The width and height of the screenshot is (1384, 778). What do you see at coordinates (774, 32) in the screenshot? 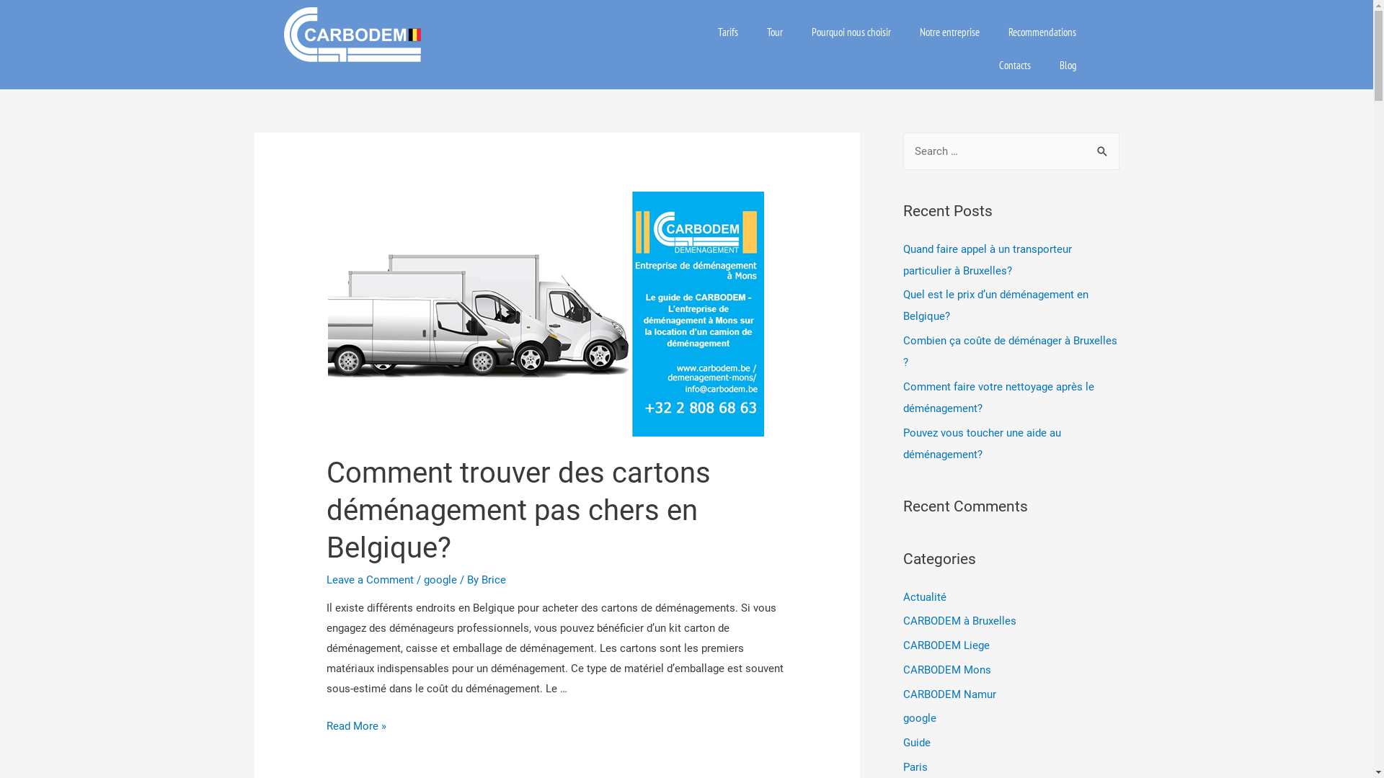
I see `'Tour'` at bounding box center [774, 32].